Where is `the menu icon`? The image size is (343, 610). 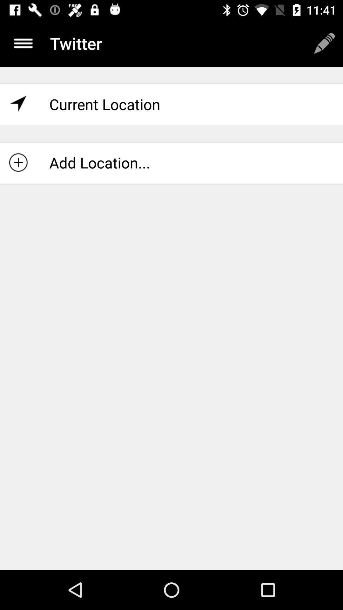
the menu icon is located at coordinates (23, 43).